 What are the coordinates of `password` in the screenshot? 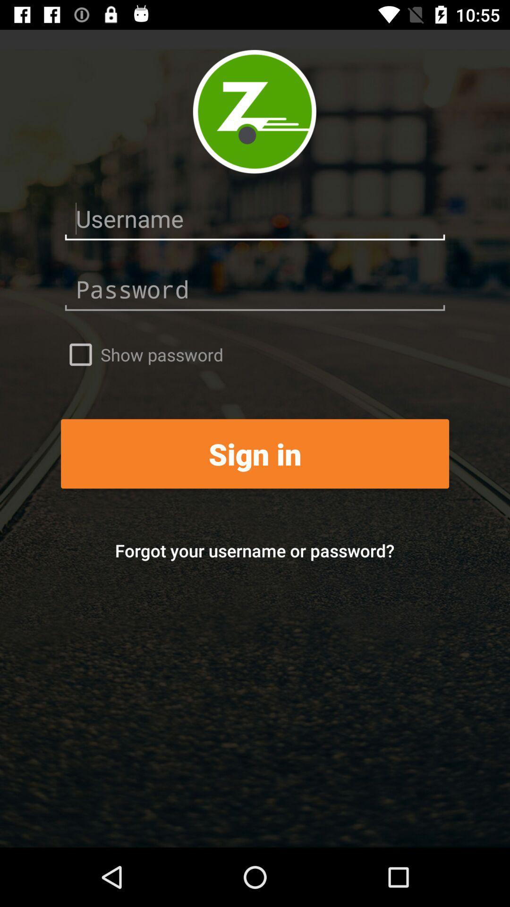 It's located at (255, 289).